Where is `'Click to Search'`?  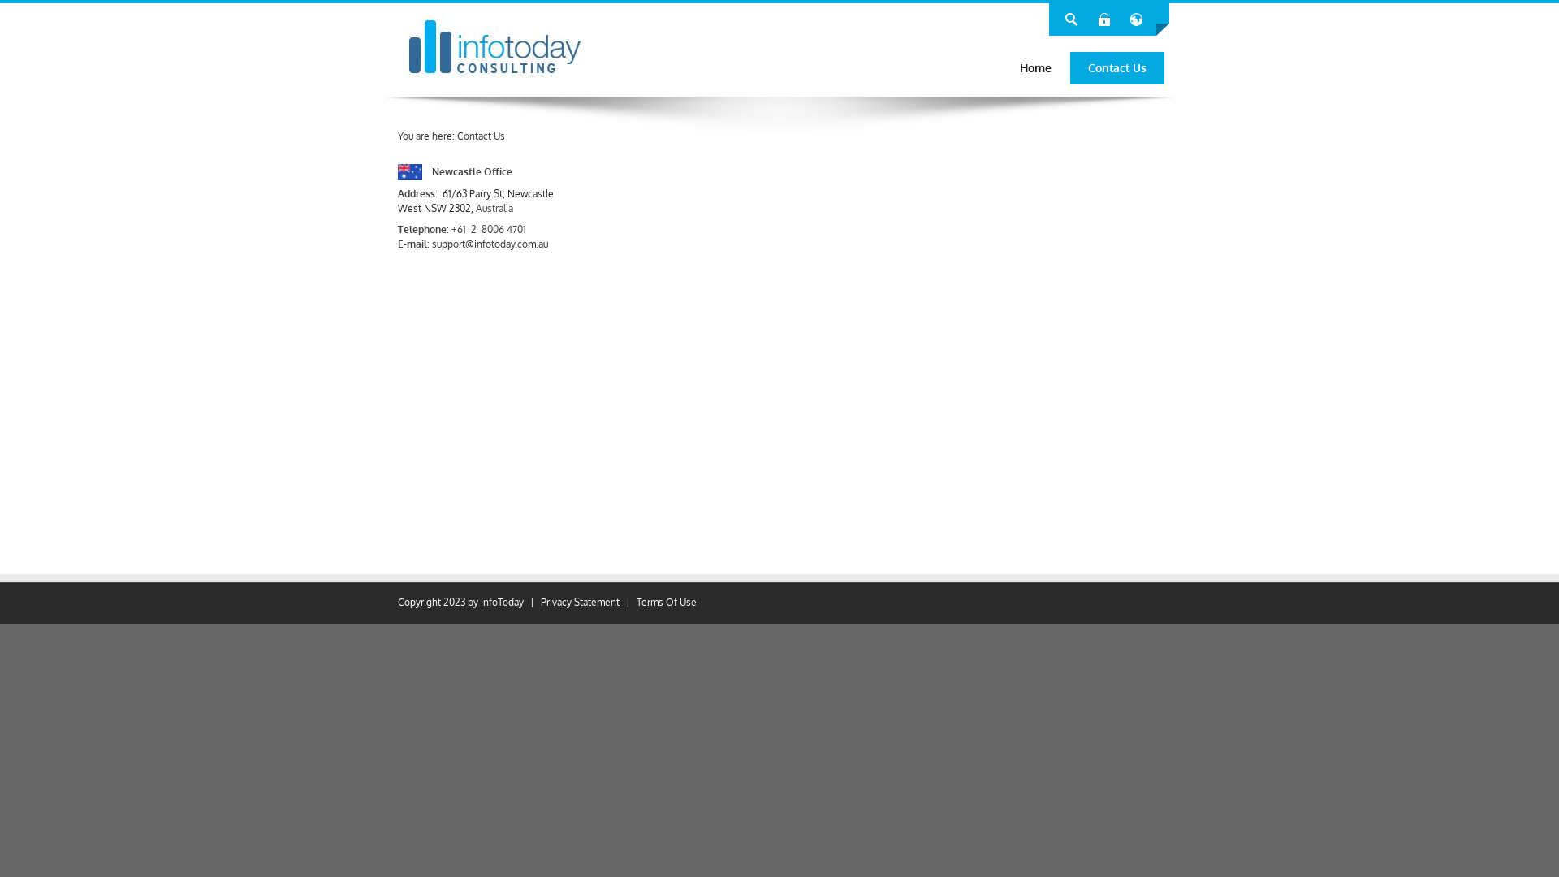
'Click to Search' is located at coordinates (1071, 19).